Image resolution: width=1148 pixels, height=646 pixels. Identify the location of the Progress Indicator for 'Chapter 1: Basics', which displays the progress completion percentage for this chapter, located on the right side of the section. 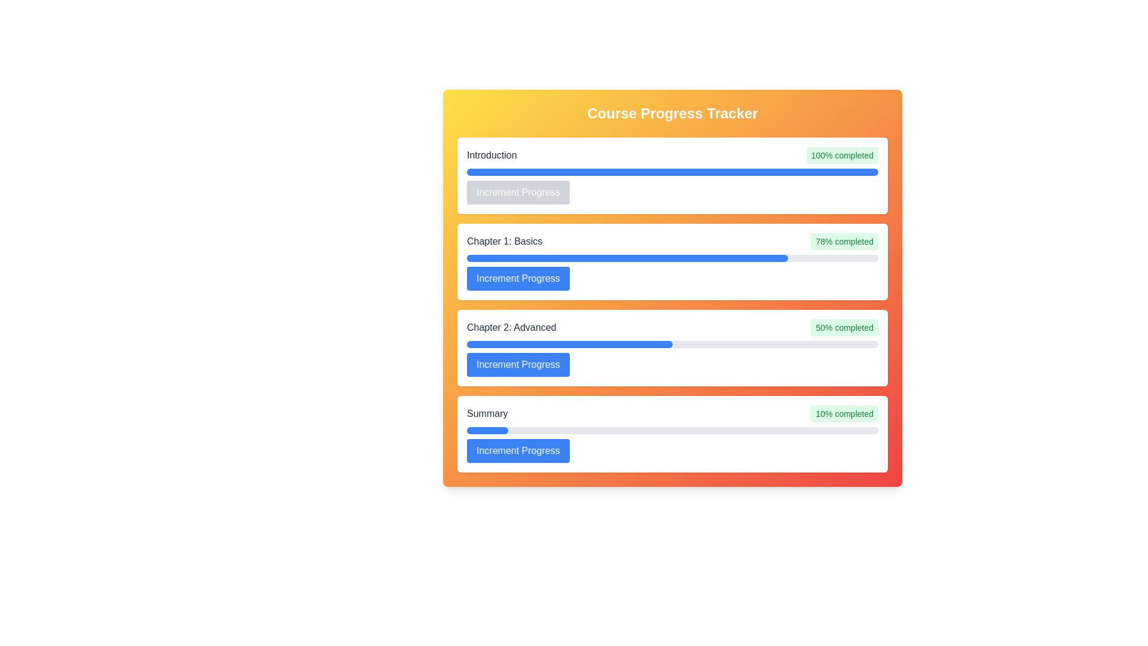
(844, 242).